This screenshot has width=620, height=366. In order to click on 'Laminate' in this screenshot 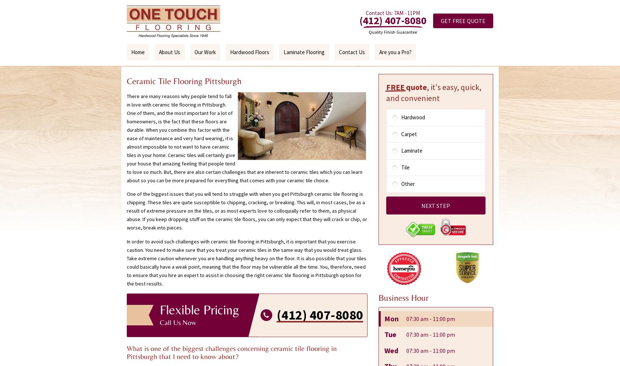, I will do `click(401, 150)`.